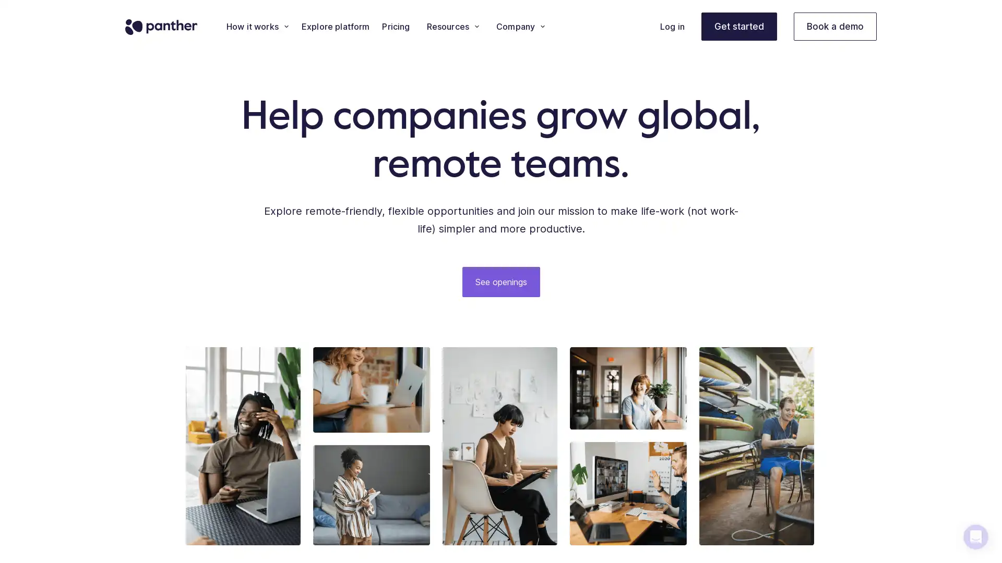  I want to click on Open Intercom Messenger, so click(975, 536).